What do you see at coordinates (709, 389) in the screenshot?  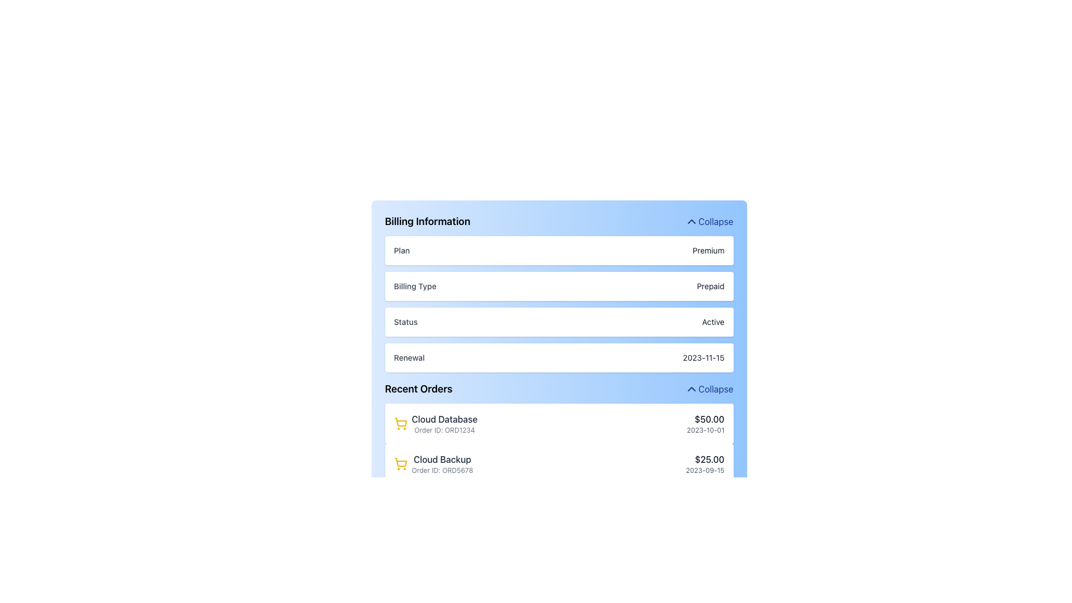 I see `the button located at the top-right corner of the 'Recent Orders' section` at bounding box center [709, 389].